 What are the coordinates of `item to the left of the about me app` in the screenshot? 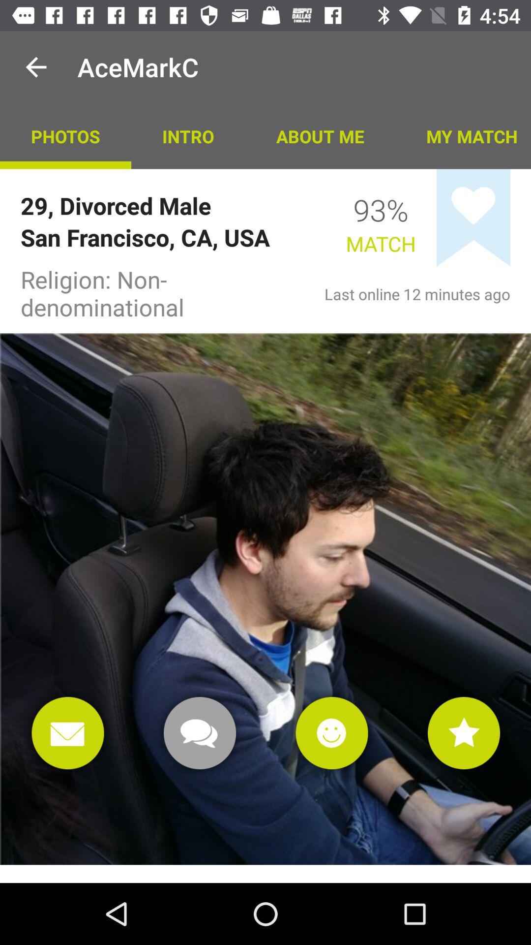 It's located at (188, 135).